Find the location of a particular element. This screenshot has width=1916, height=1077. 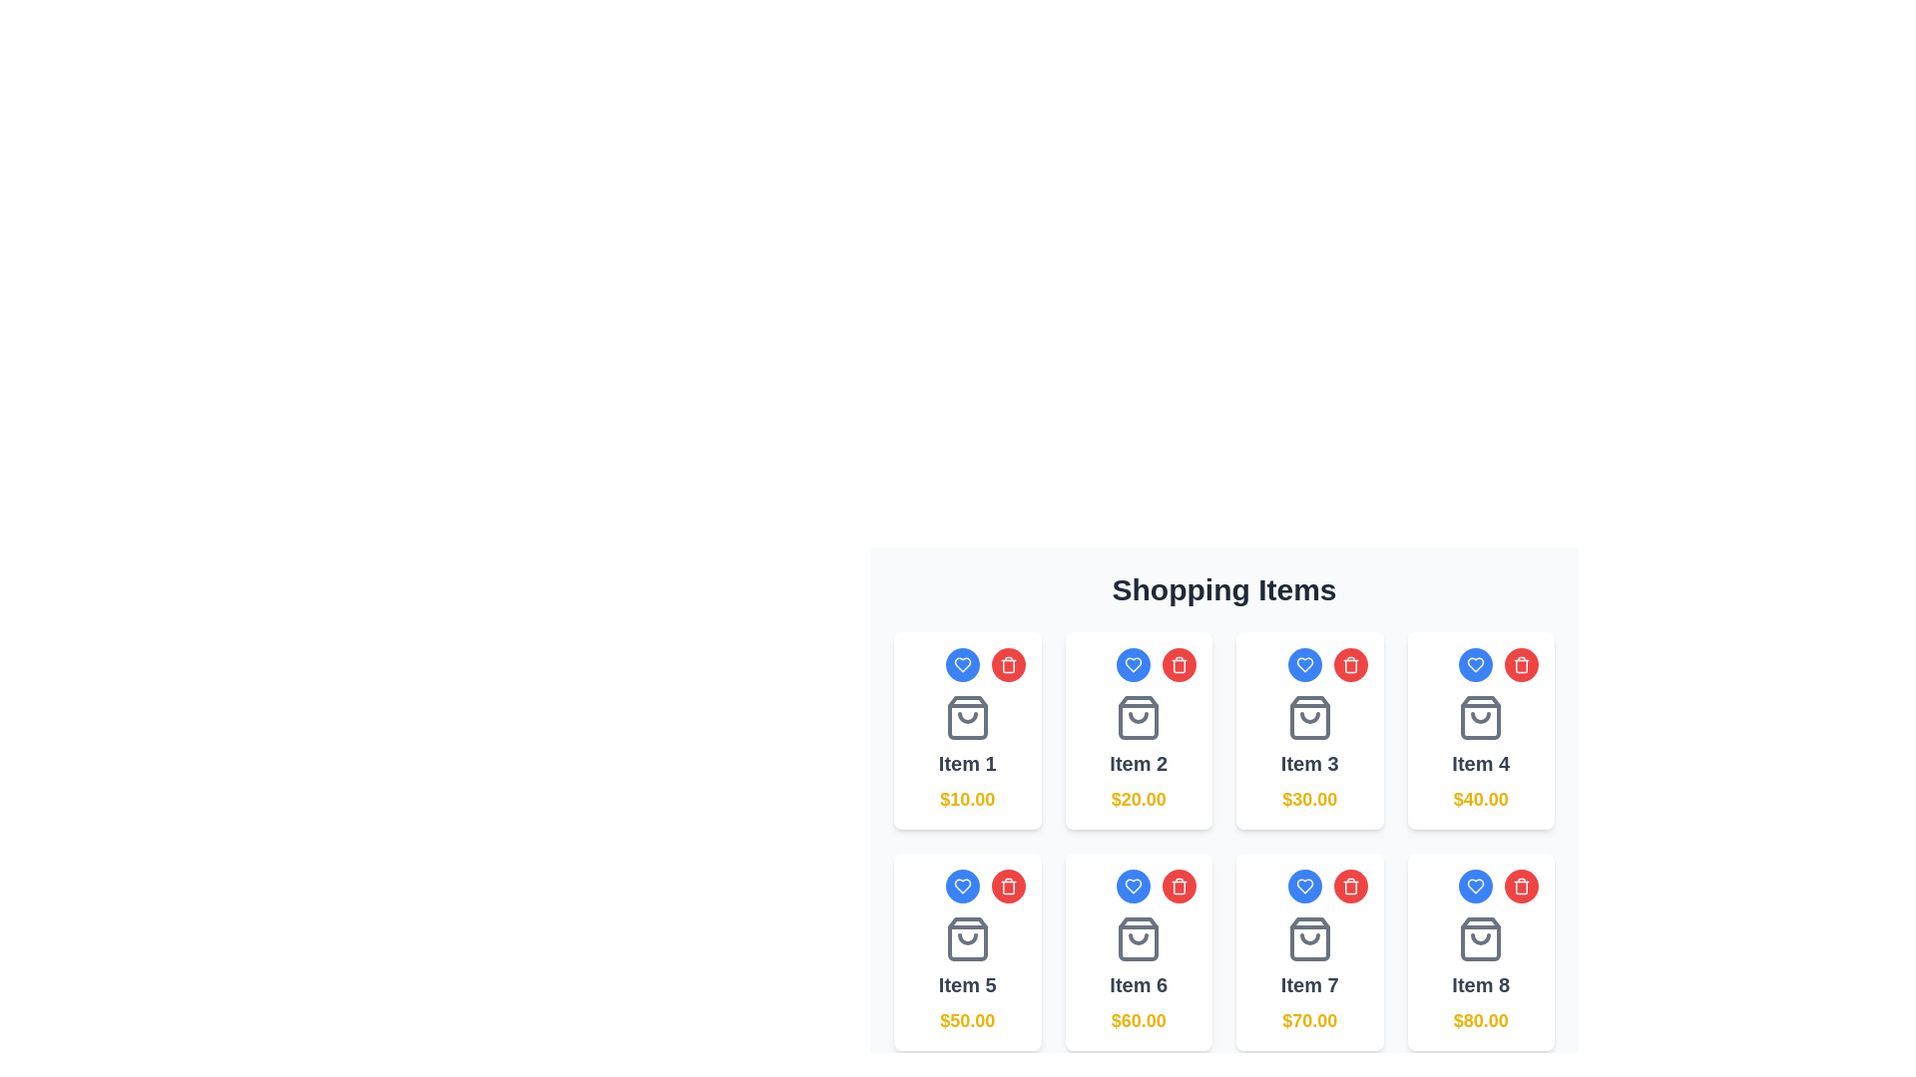

the delete button icon represented by a trash can with a red background in the top-right corner of the product card is located at coordinates (1179, 885).